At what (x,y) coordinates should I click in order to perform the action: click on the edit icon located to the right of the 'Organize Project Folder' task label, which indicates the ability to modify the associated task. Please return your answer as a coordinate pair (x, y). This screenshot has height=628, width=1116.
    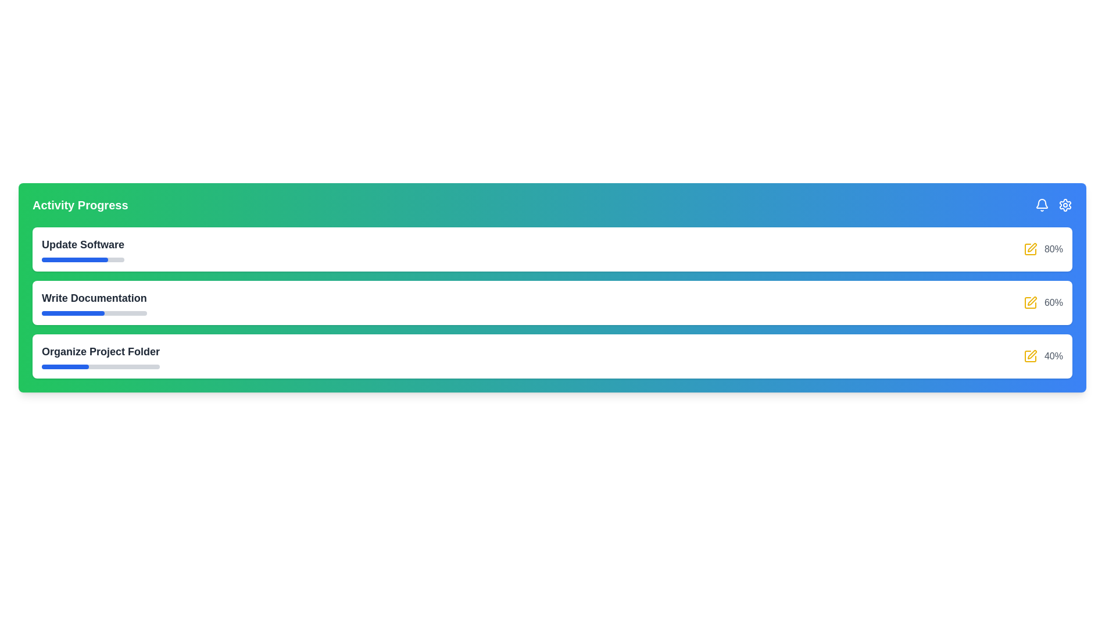
    Looking at the image, I should click on (1030, 356).